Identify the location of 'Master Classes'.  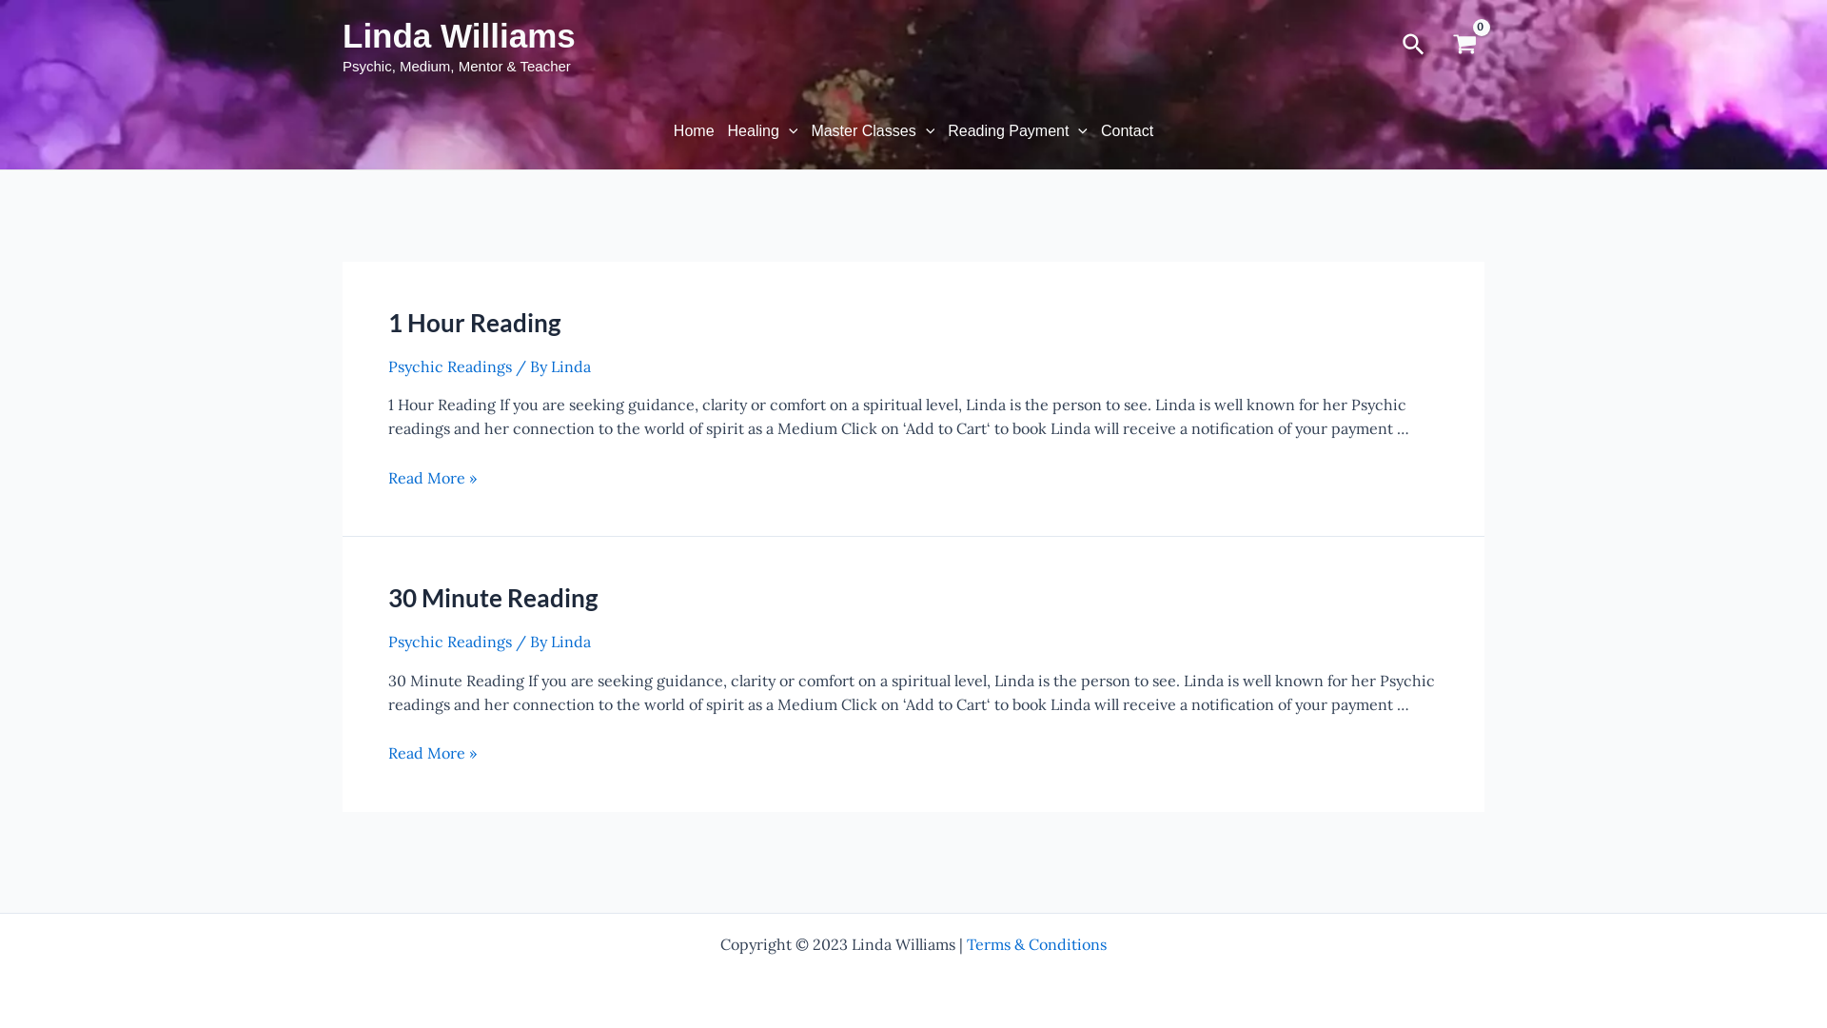
(871, 130).